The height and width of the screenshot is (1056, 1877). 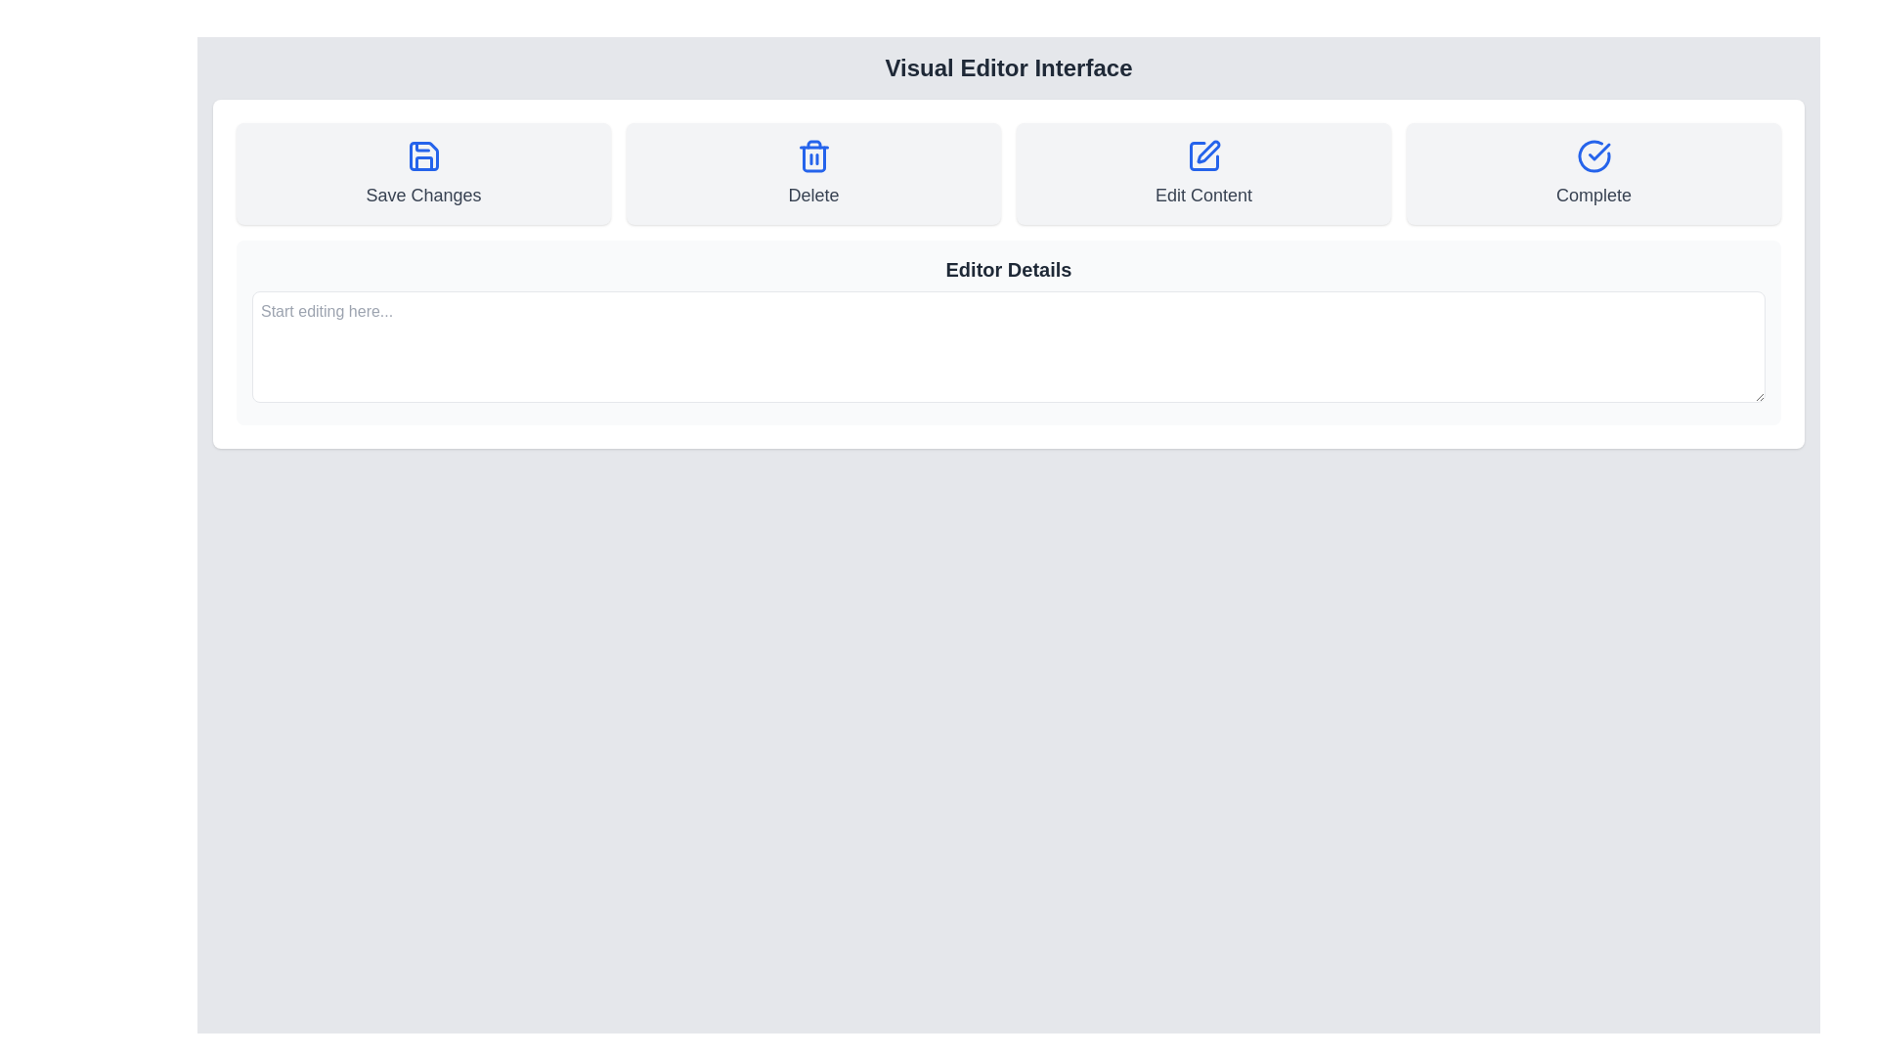 What do you see at coordinates (813, 157) in the screenshot?
I see `the 'Delete' icon, which is the second button from the left in the top action buttons` at bounding box center [813, 157].